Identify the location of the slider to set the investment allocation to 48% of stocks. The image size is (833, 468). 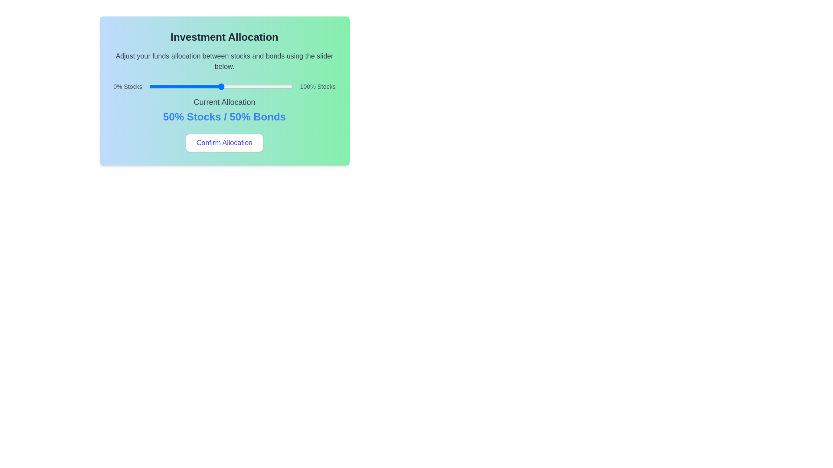
(218, 87).